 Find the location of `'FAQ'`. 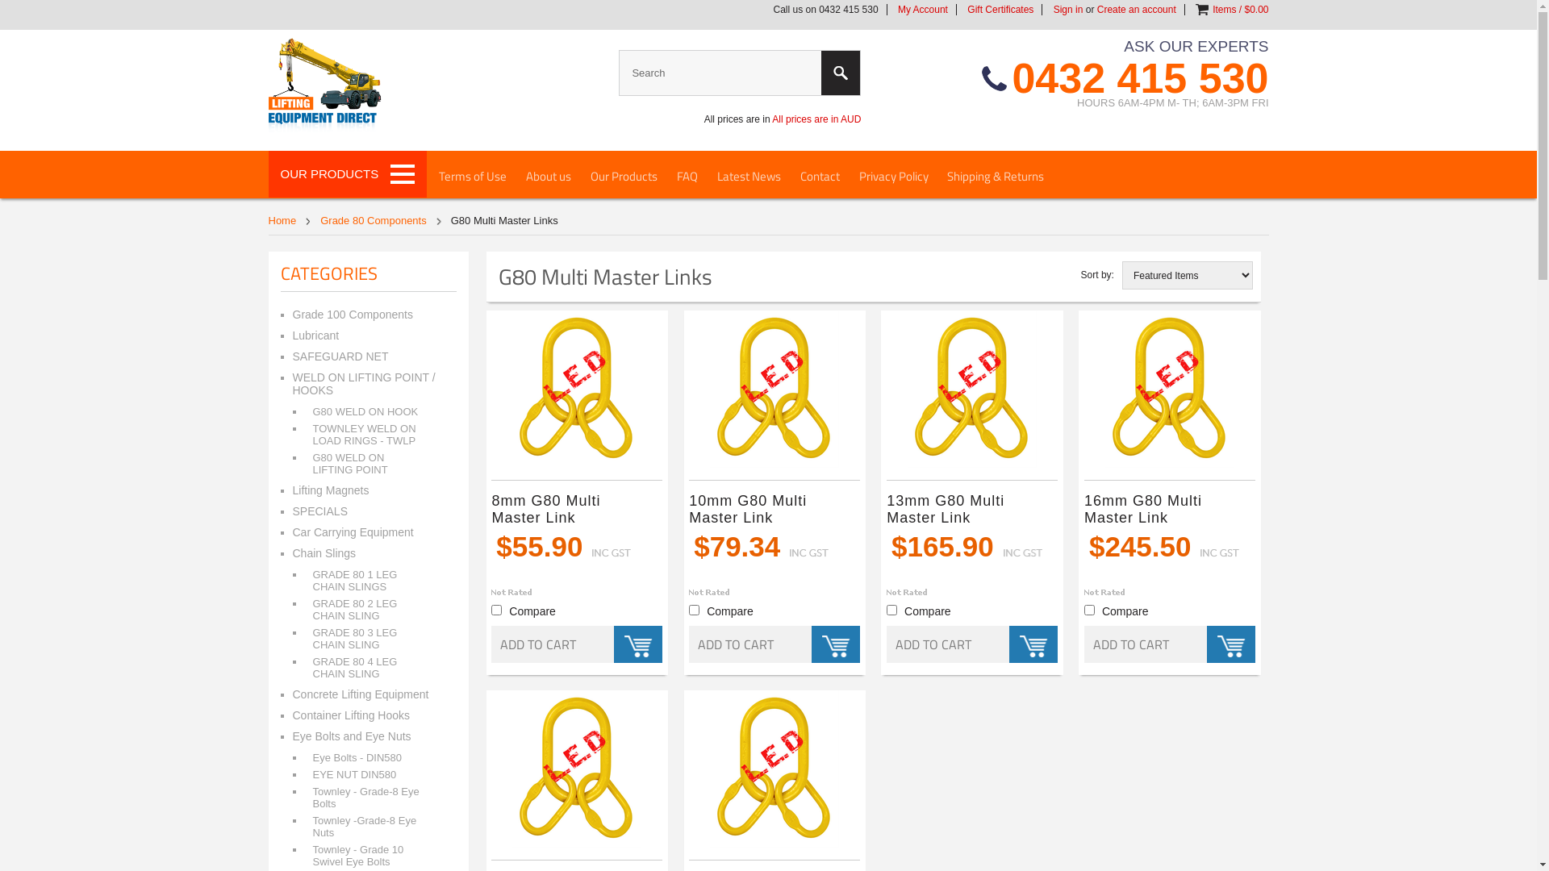

'FAQ' is located at coordinates (687, 176).